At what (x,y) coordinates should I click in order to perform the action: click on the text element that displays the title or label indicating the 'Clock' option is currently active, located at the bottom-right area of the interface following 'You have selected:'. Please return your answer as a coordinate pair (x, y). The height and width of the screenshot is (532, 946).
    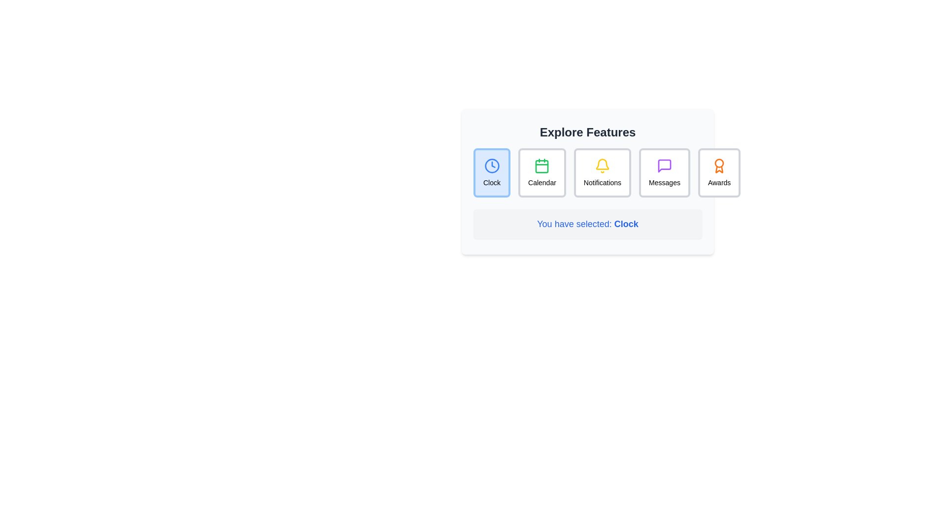
    Looking at the image, I should click on (626, 224).